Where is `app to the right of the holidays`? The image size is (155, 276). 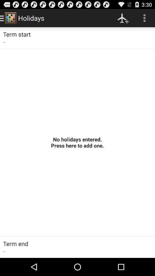
app to the right of the holidays is located at coordinates (123, 18).